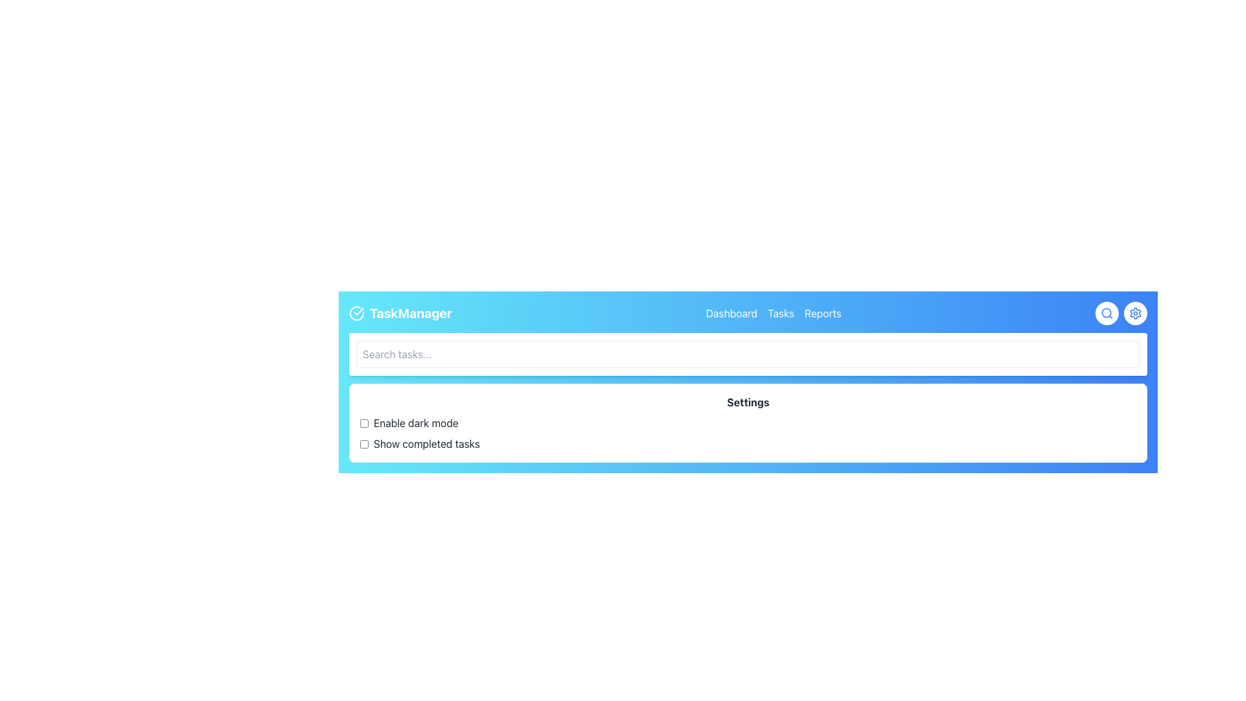 This screenshot has width=1246, height=701. What do you see at coordinates (748, 354) in the screenshot?
I see `the search box located` at bounding box center [748, 354].